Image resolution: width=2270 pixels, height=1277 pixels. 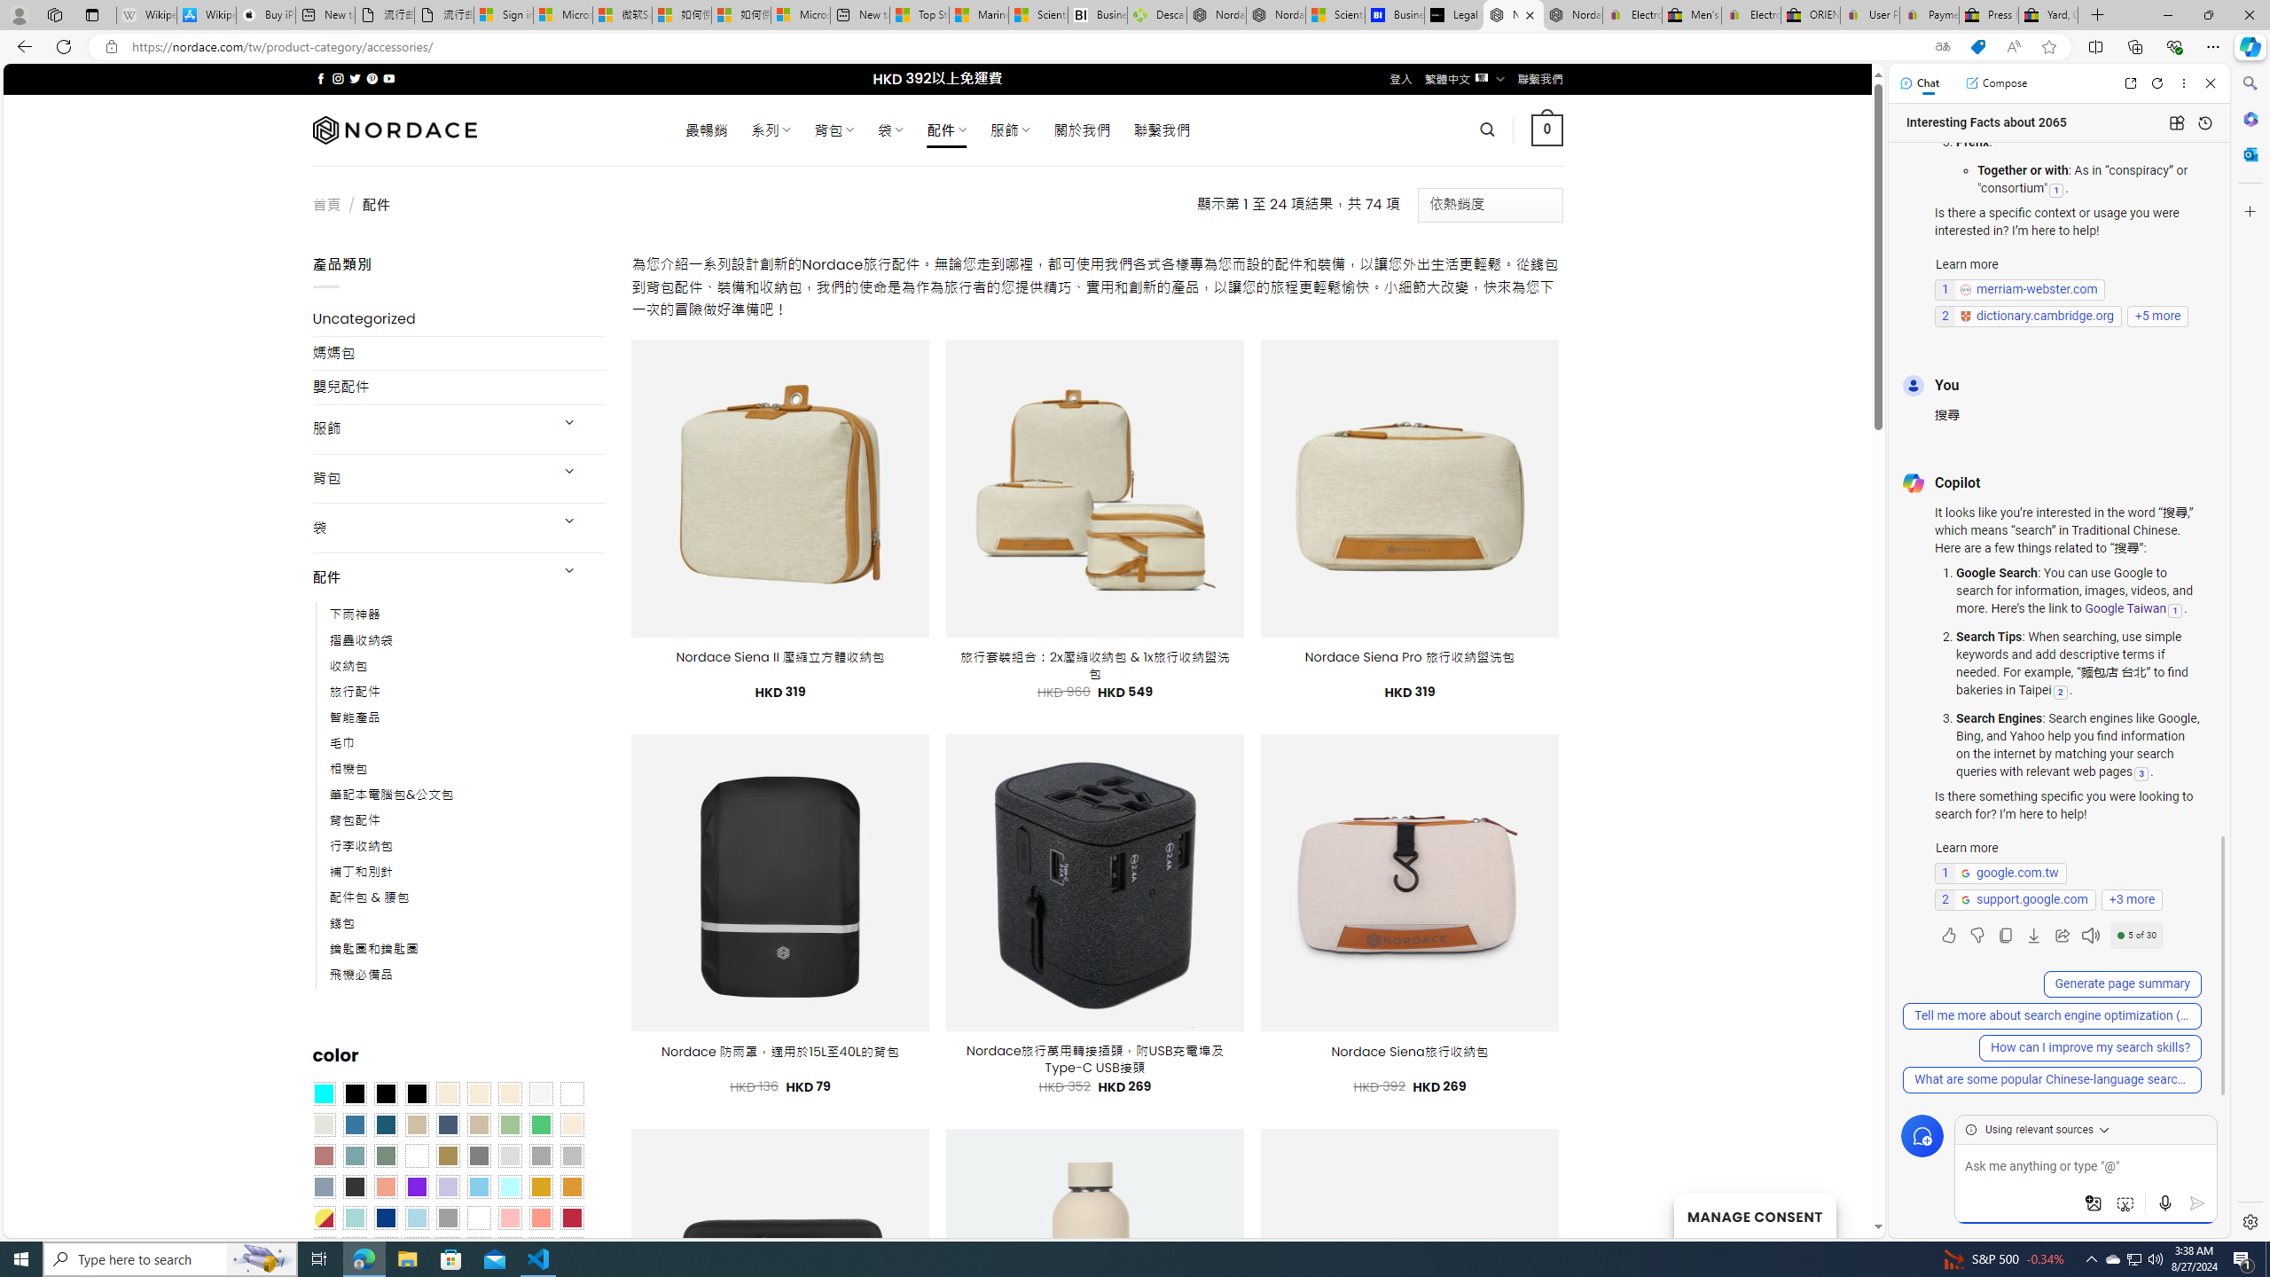 What do you see at coordinates (2248, 153) in the screenshot?
I see `'Outlook'` at bounding box center [2248, 153].